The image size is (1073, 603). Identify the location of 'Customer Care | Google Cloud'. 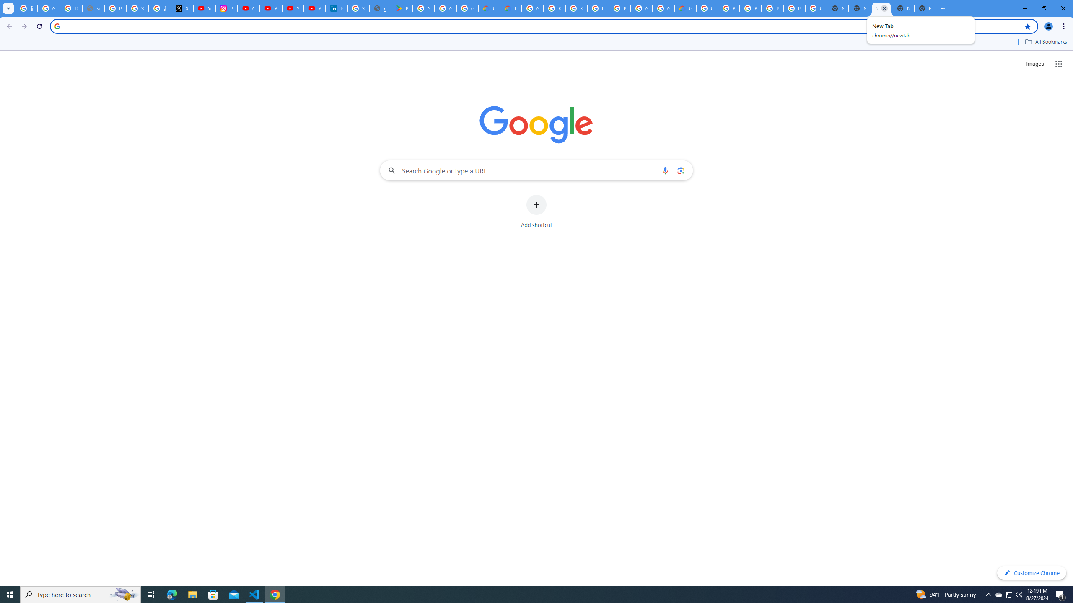
(489, 8).